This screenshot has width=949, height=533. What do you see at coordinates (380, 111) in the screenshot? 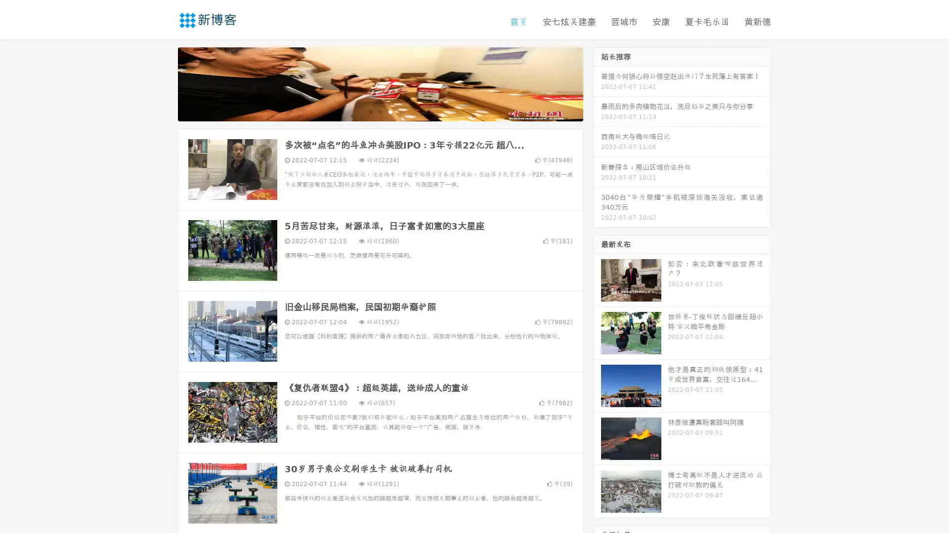
I see `Go to slide 2` at bounding box center [380, 111].